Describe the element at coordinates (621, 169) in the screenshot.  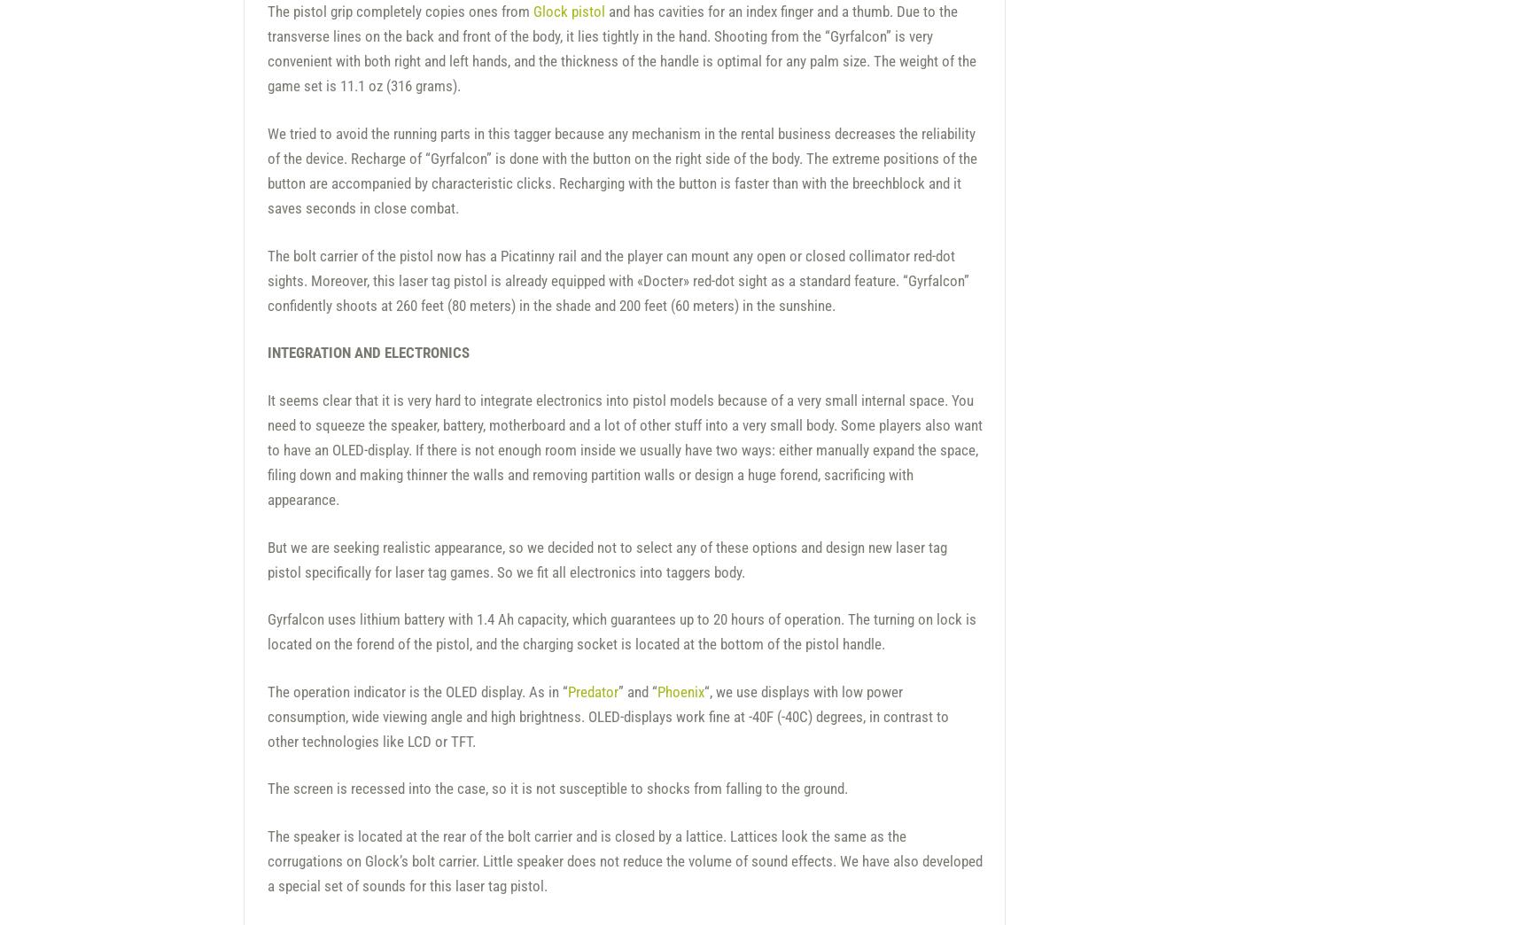
I see `'We tried to avoid the running parts in this tagger because any mechanism in the rental business decreases the reliability of the device. Recharge of “Gyrfalcon” is done with the button on the right side of the body. The extreme positions of the button are accompanied by characteristic clicks. Recharging with the button is faster than with the breechblock and it saves seconds in close combat.'` at that location.